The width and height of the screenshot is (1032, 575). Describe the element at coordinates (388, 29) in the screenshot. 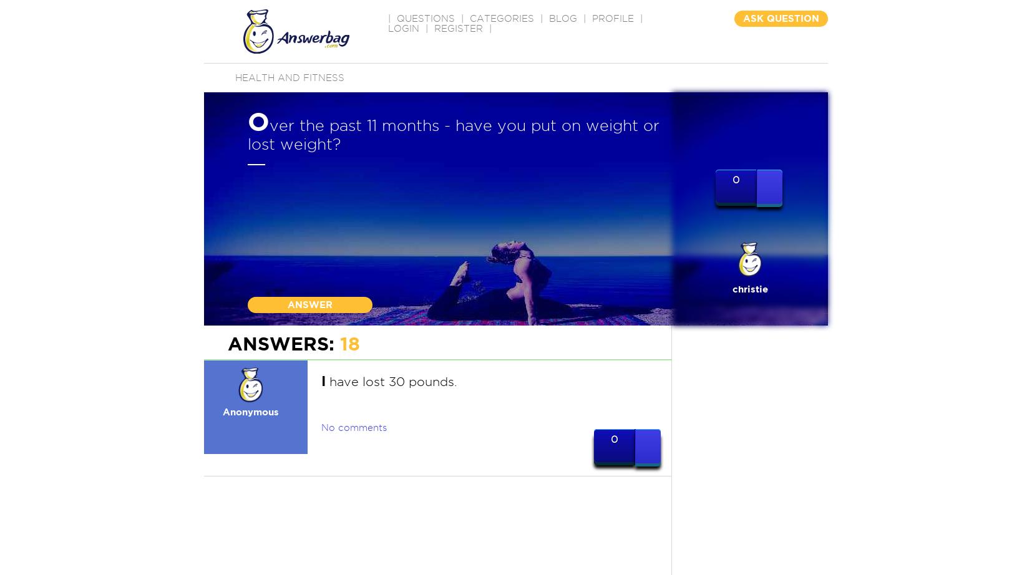

I see `'Login'` at that location.